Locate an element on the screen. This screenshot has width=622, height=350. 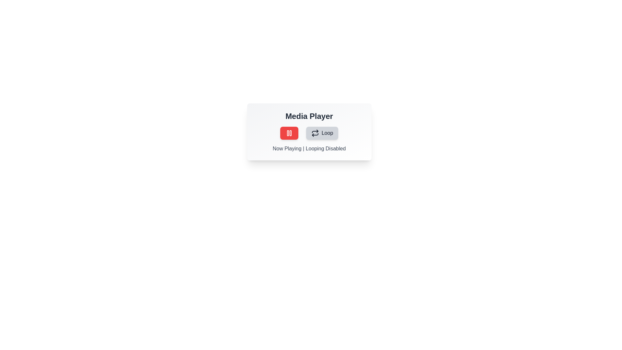
the play_button of the MediaControlToggle component is located at coordinates (289, 133).